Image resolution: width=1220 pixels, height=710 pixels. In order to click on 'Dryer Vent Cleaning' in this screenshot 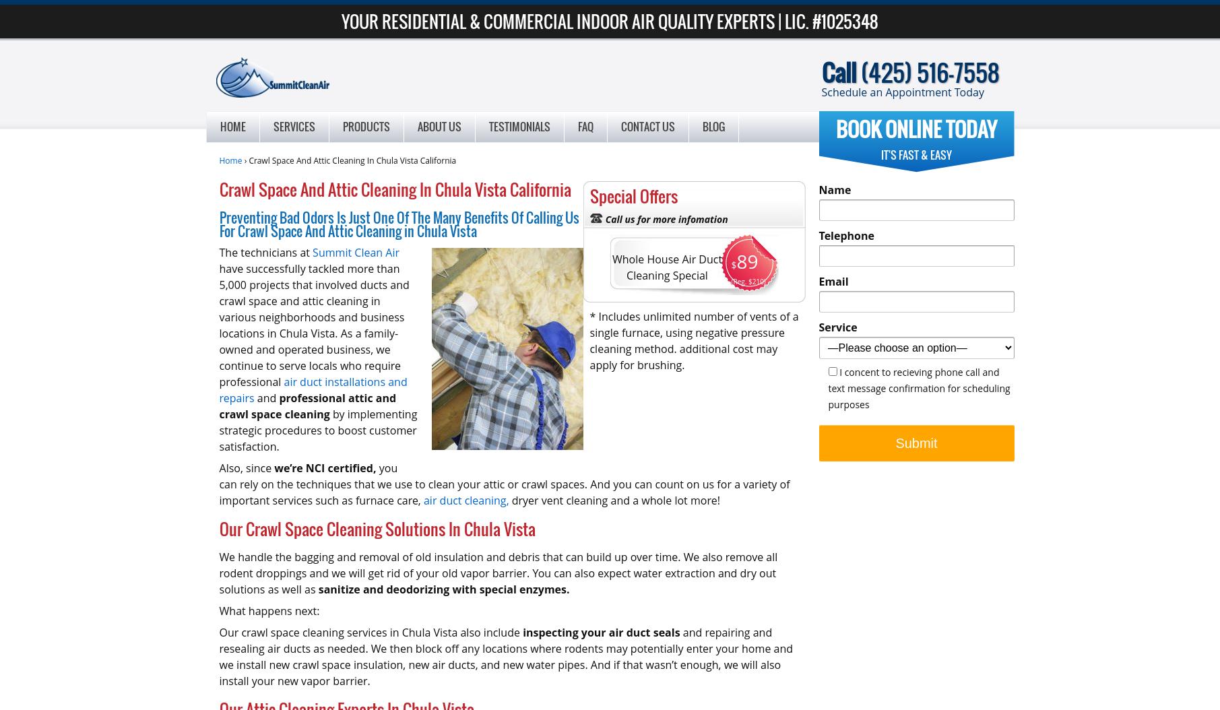, I will do `click(308, 152)`.